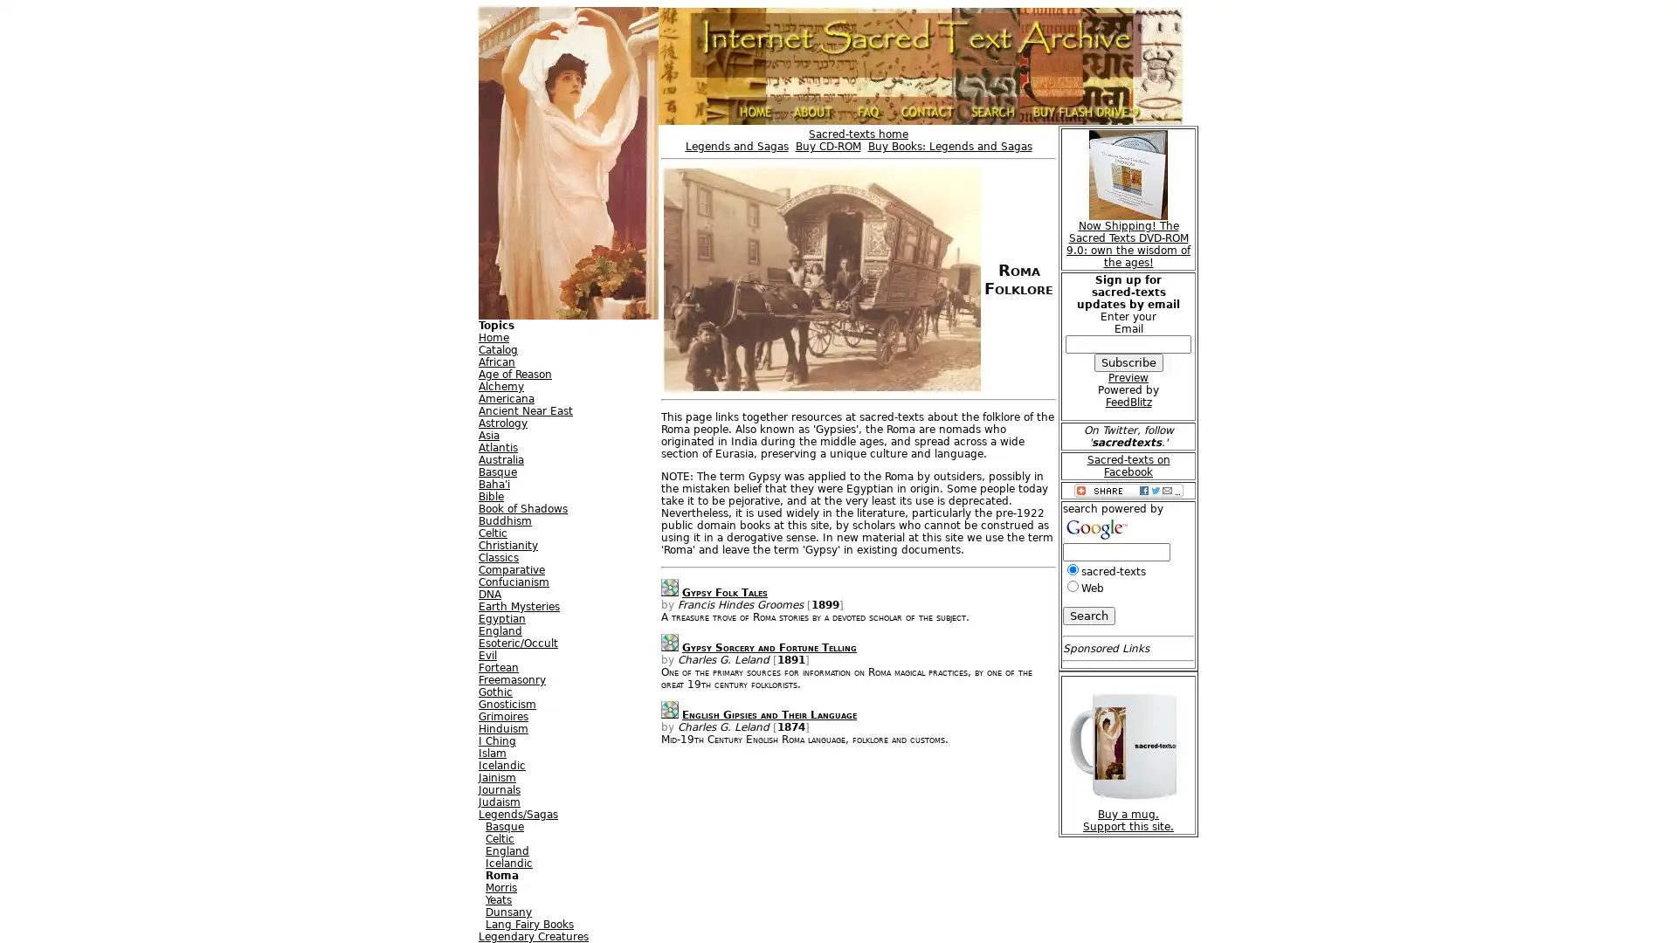 This screenshot has height=943, width=1677. I want to click on Search, so click(1088, 615).